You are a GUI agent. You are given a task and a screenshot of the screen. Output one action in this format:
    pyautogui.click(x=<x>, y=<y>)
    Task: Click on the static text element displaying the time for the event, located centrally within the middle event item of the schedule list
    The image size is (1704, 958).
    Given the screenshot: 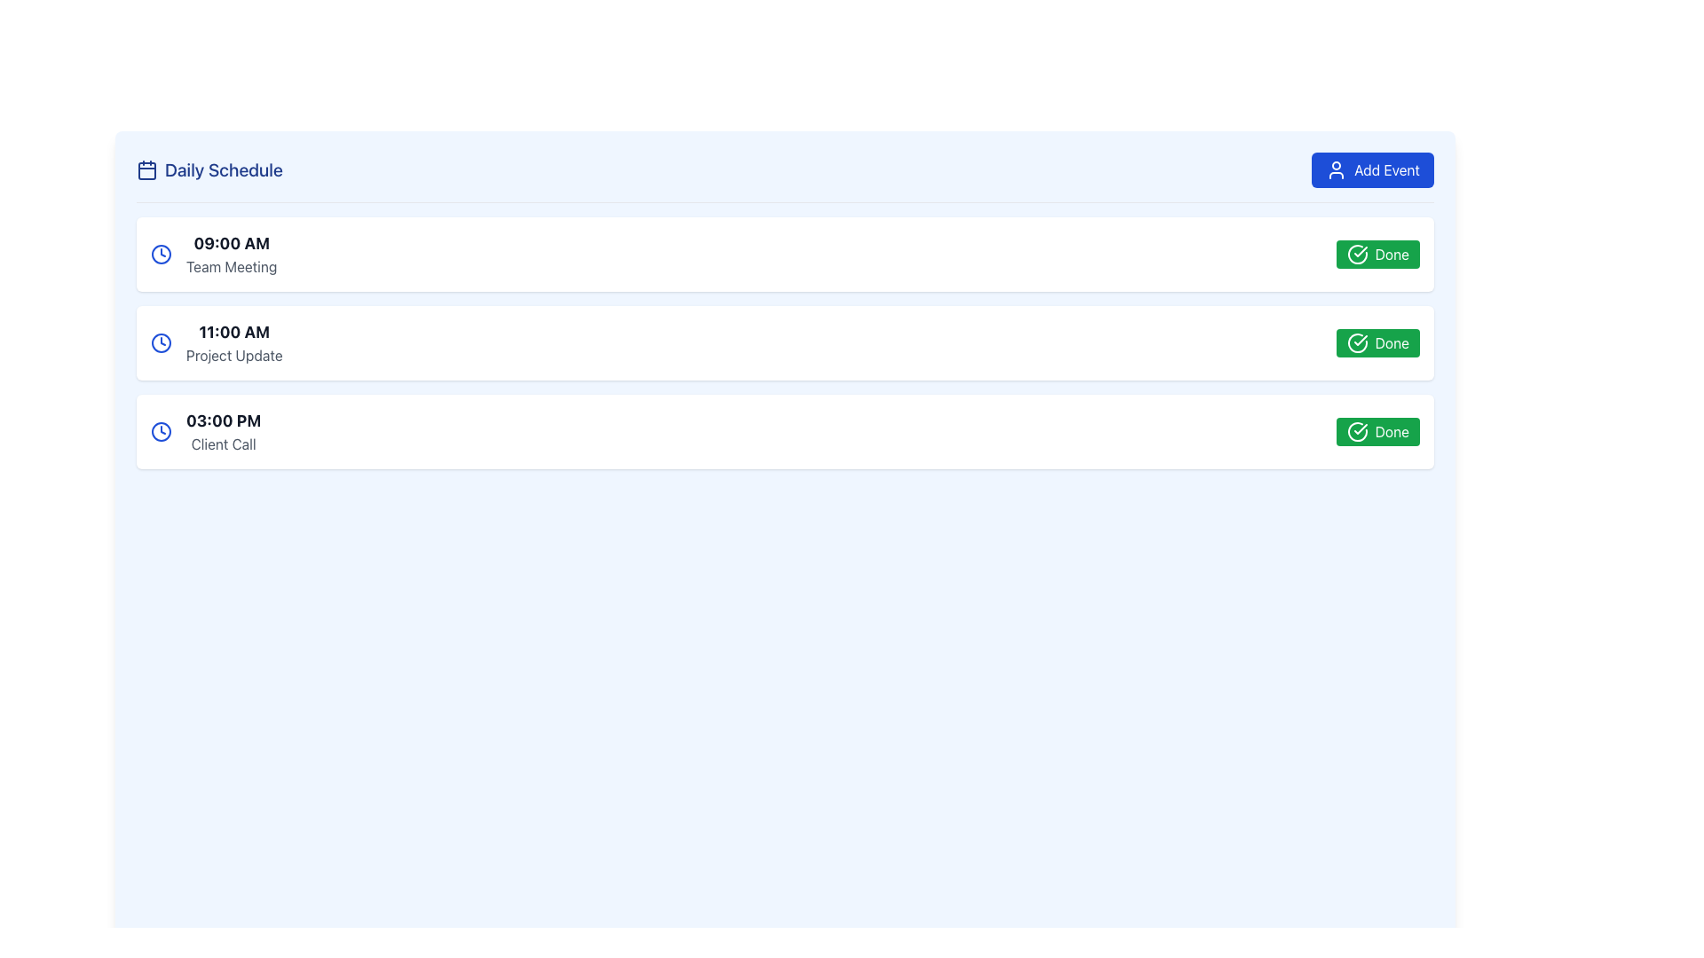 What is the action you would take?
    pyautogui.click(x=233, y=332)
    